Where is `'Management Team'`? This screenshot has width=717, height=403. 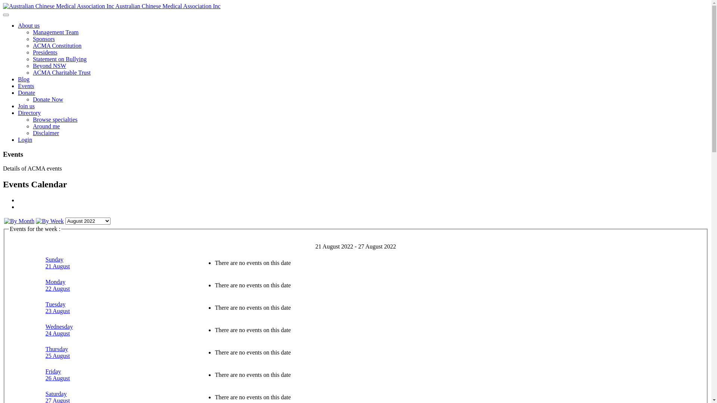
'Management Team' is located at coordinates (55, 32).